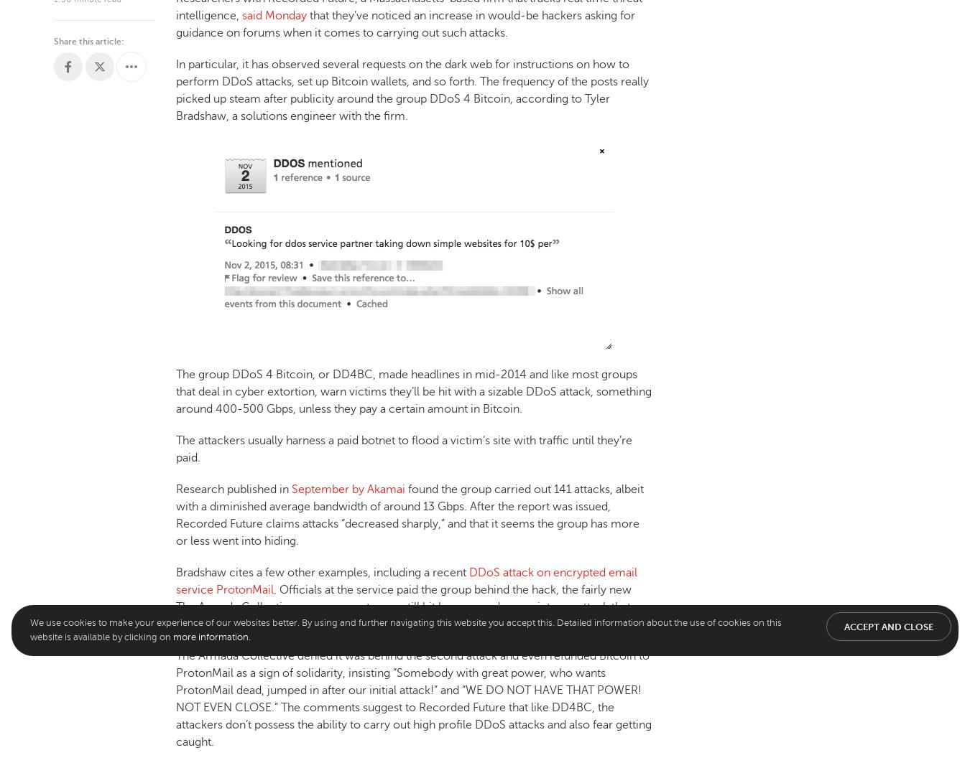 Image resolution: width=970 pixels, height=768 pixels. What do you see at coordinates (410, 514) in the screenshot?
I see `'found the group carried out 141 attacks, albeit with a diminished average bandwidth of around 13 Gbps. After the report was issued, Recorded Future claims attacks “decreased sharply,” and that it seems the group has more or less went into hiding.'` at bounding box center [410, 514].